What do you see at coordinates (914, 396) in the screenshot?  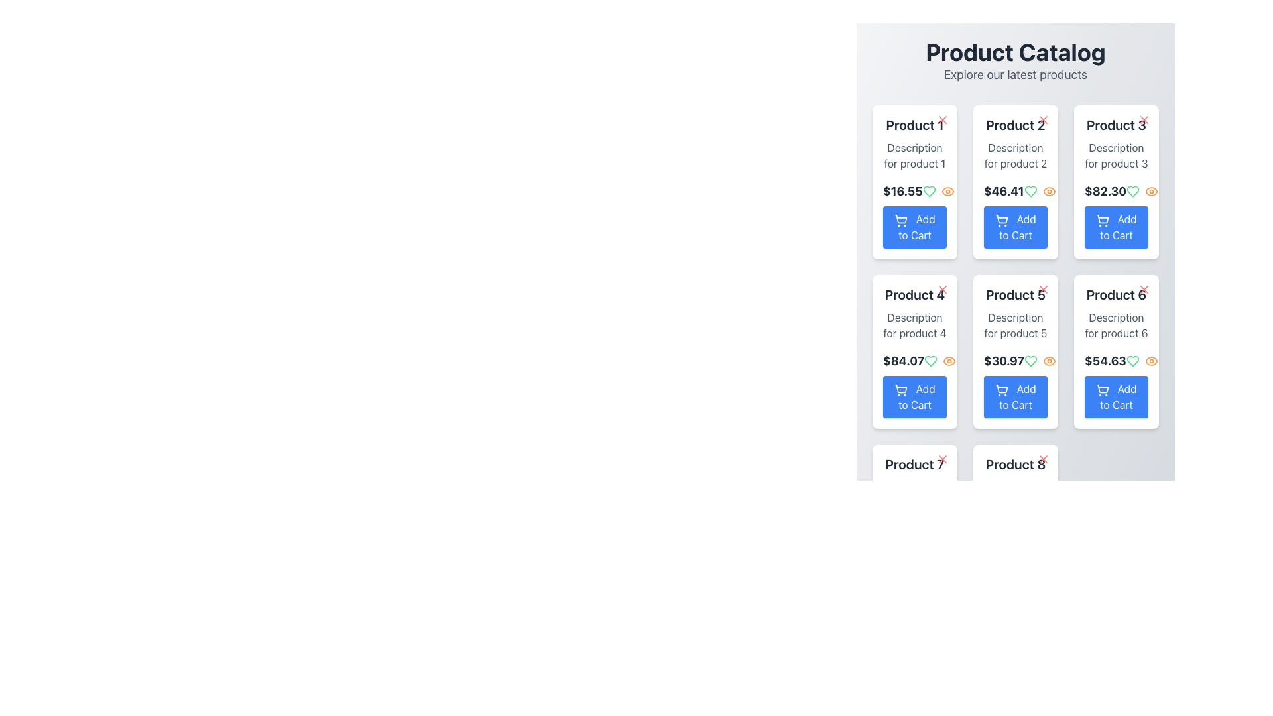 I see `the 'Add to Cart' button, which is a rectangular button with a blue background, white text, and a shopping cart icon, located below the product price in the card layout for 'Product 4'` at bounding box center [914, 396].